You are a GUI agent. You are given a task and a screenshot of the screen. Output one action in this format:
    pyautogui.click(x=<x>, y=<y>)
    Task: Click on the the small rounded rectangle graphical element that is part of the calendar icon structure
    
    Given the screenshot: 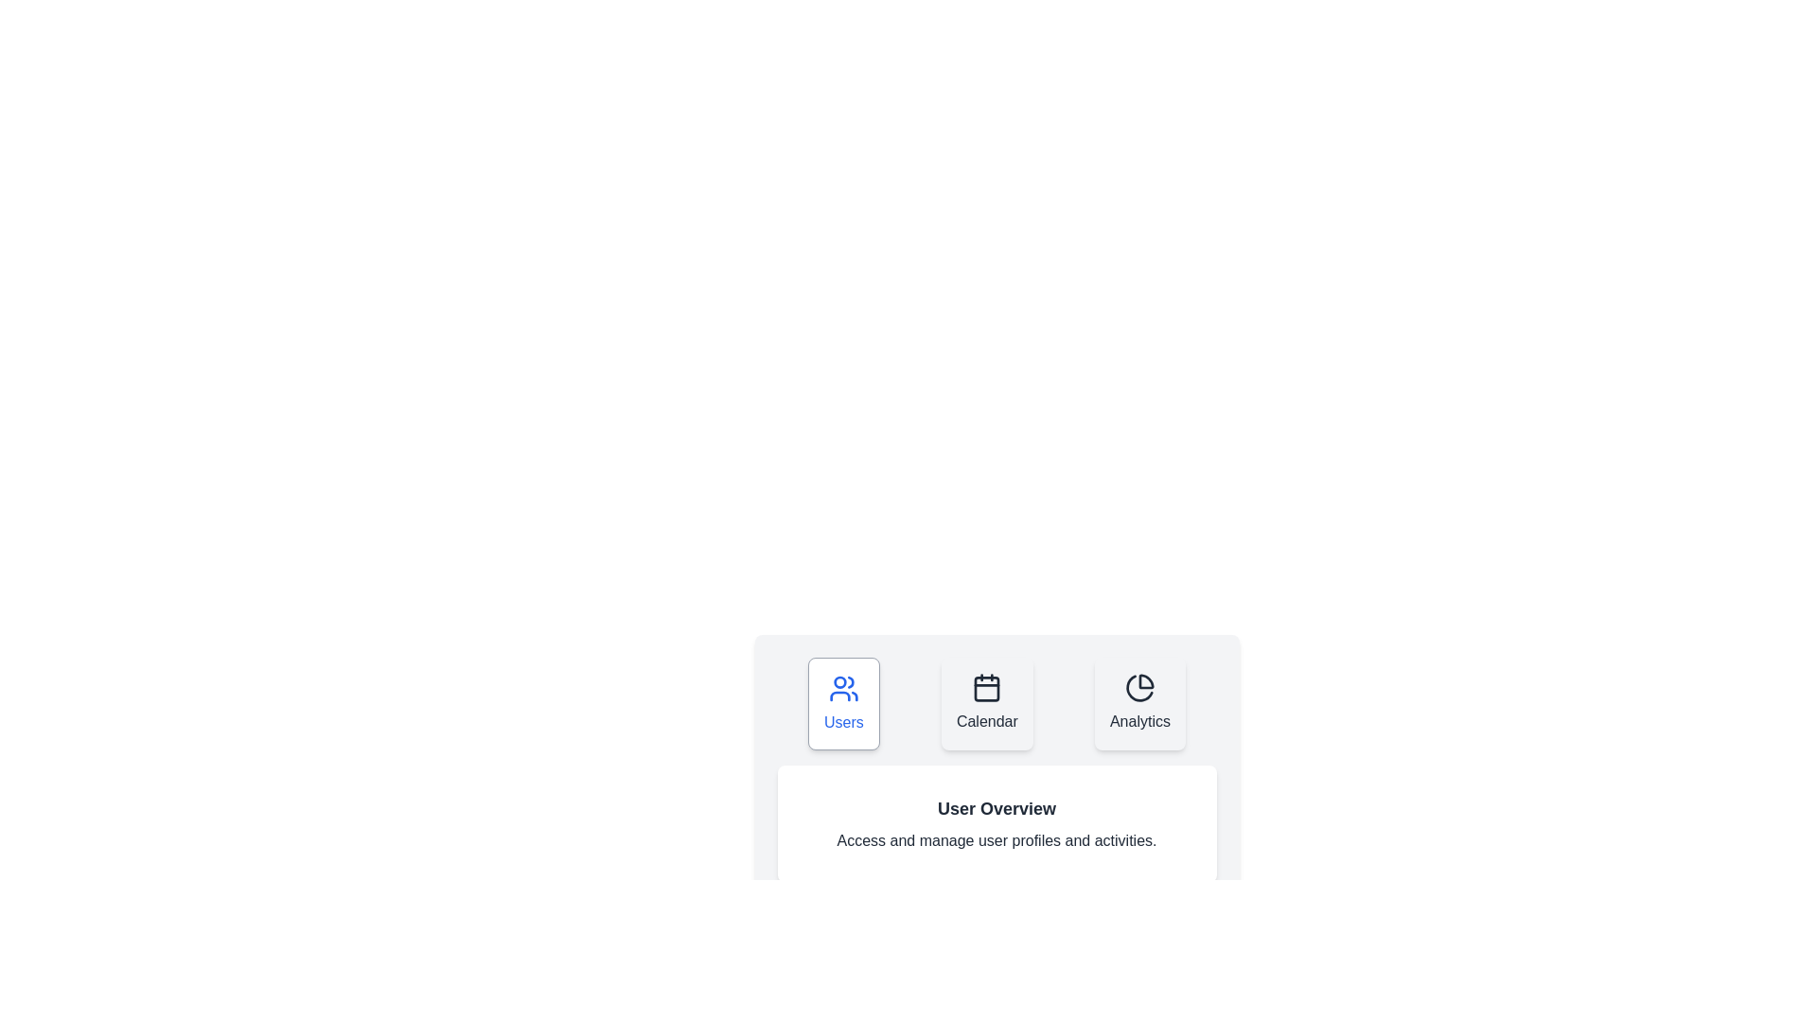 What is the action you would take?
    pyautogui.click(x=986, y=689)
    